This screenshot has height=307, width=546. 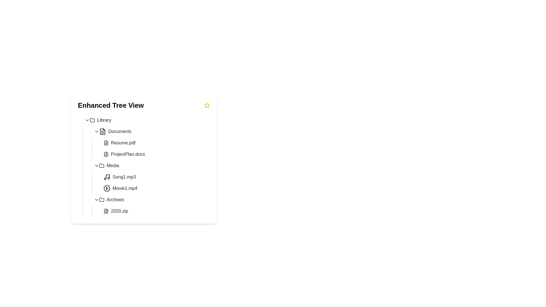 What do you see at coordinates (108, 176) in the screenshot?
I see `the decorative musical note icon in the 'Media' folder listing adjacent to 'Song1.mp3'` at bounding box center [108, 176].